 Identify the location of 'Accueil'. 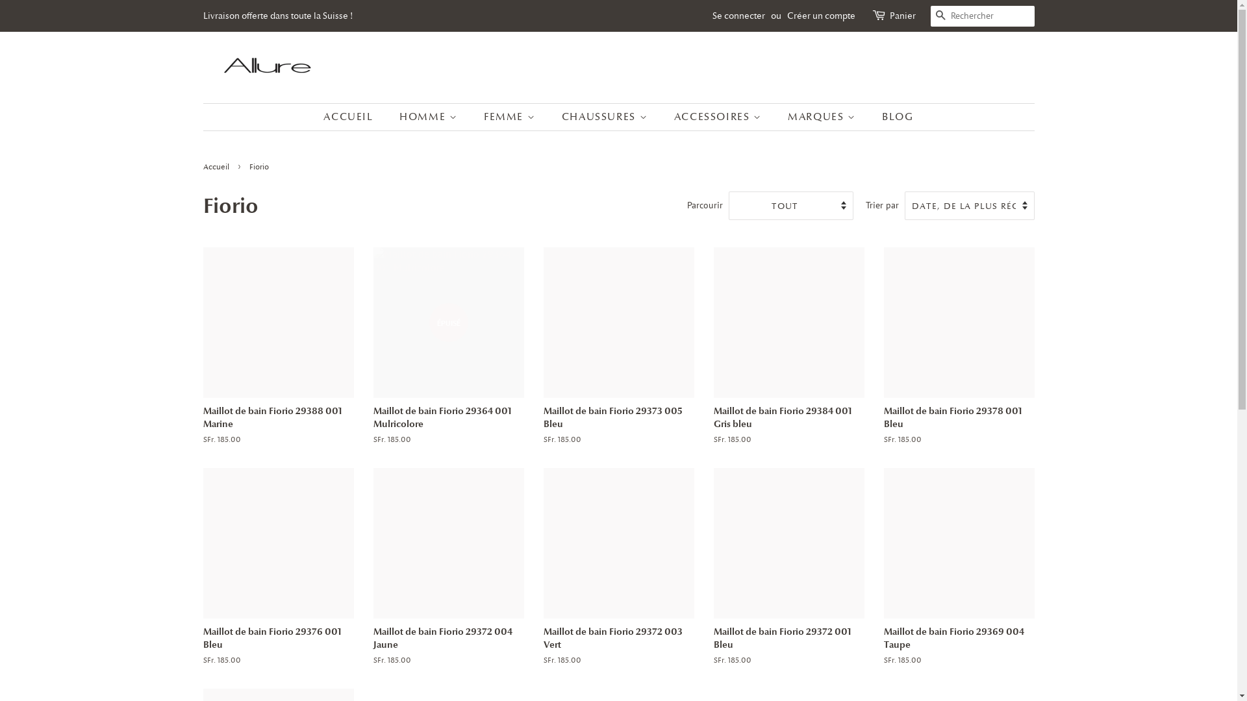
(202, 166).